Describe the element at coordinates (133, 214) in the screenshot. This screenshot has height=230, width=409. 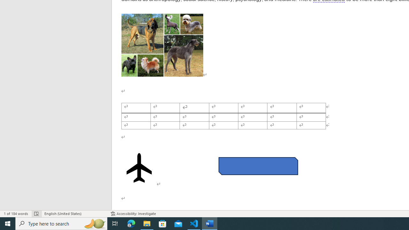
I see `'Accessibility Checker Accessibility: Investigate'` at that location.